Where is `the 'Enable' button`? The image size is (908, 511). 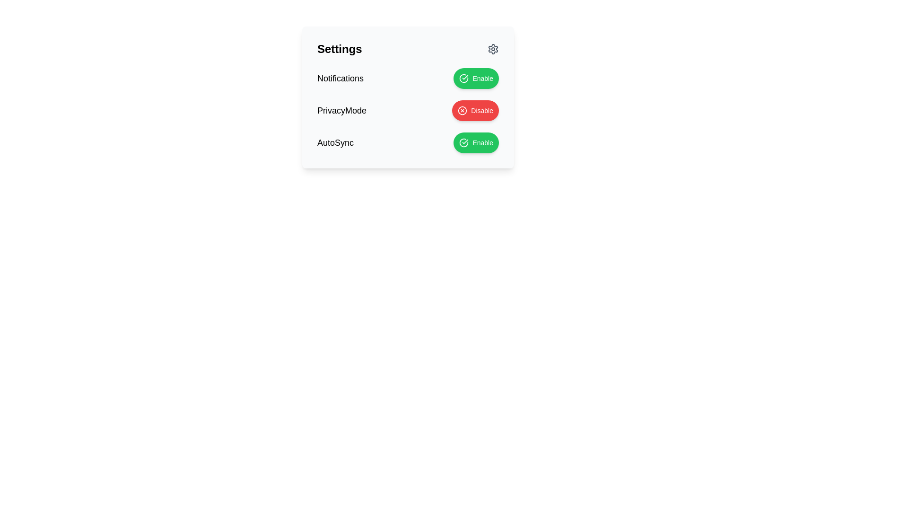 the 'Enable' button is located at coordinates (483, 78).